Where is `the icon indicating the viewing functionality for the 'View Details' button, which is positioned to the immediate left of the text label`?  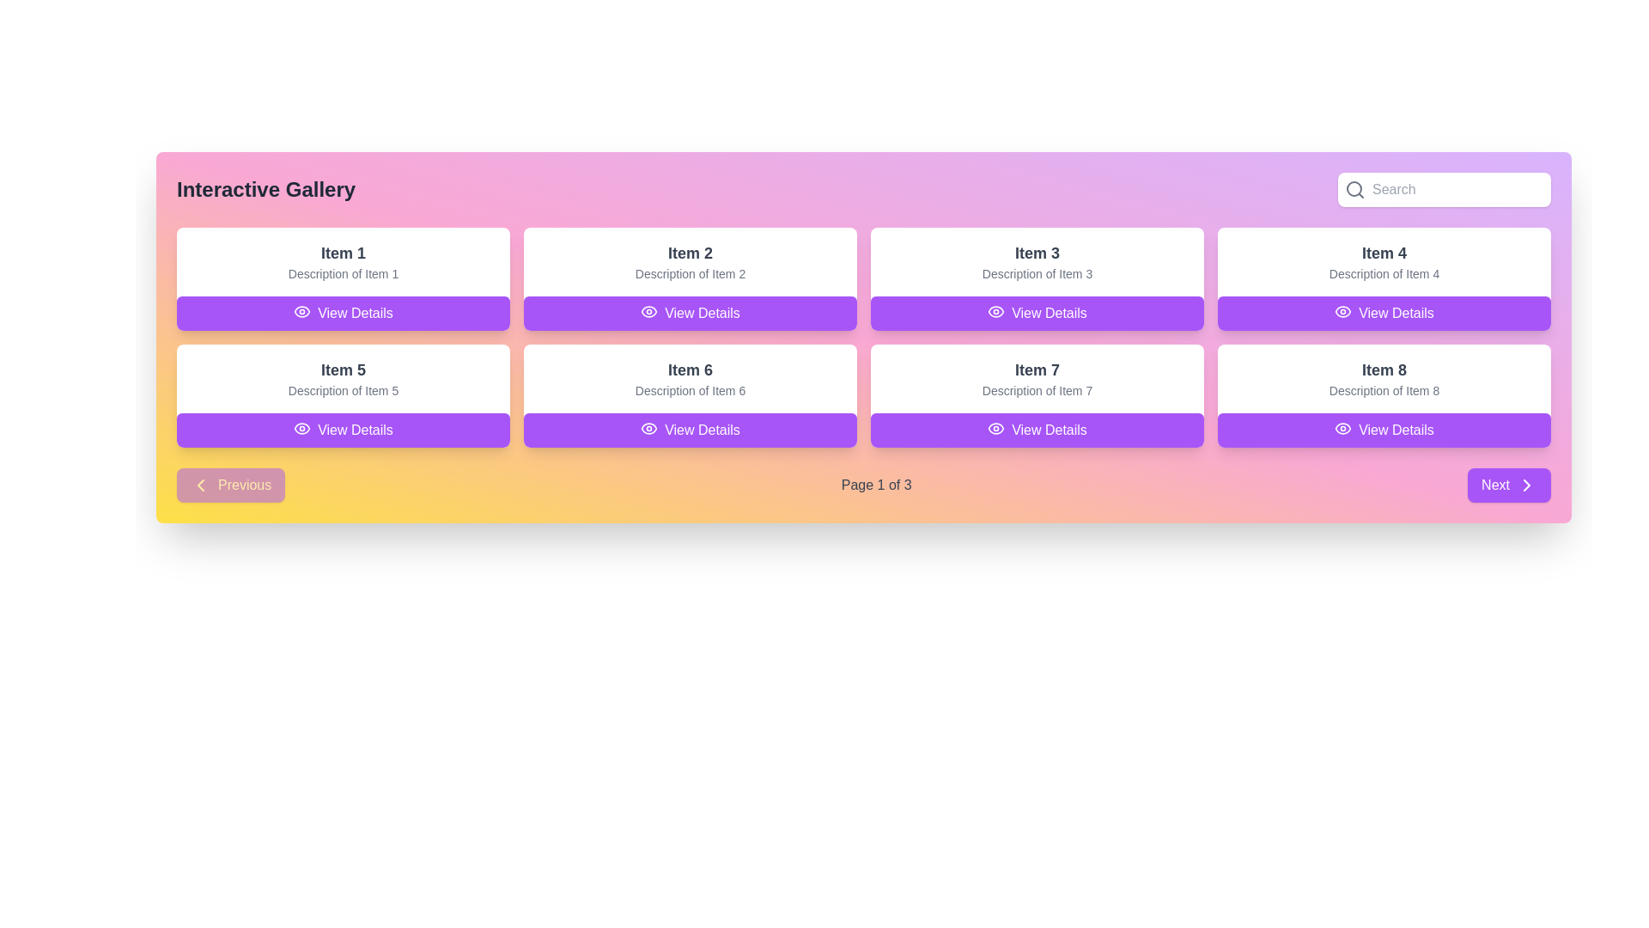 the icon indicating the viewing functionality for the 'View Details' button, which is positioned to the immediate left of the text label is located at coordinates (1342, 427).